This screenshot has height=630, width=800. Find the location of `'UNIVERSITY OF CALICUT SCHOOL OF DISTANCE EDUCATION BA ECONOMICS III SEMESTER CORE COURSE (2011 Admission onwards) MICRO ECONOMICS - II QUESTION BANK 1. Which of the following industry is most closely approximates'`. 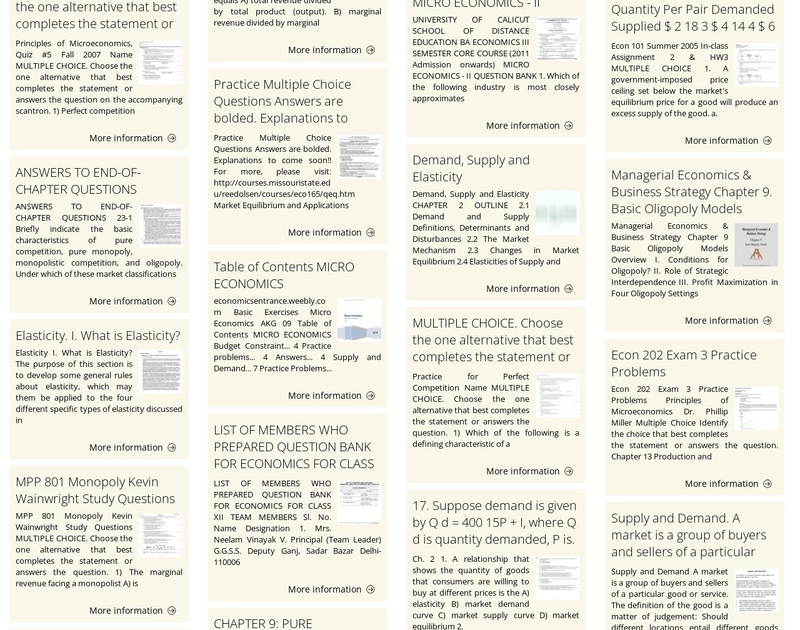

'UNIVERSITY OF CALICUT SCHOOL OF DISTANCE EDUCATION BA ECONOMICS III SEMESTER CORE COURSE (2011 Admission onwards) MICRO ECONOMICS - II QUESTION BANK 1. Which of the following industry is most closely approximates' is located at coordinates (411, 59).